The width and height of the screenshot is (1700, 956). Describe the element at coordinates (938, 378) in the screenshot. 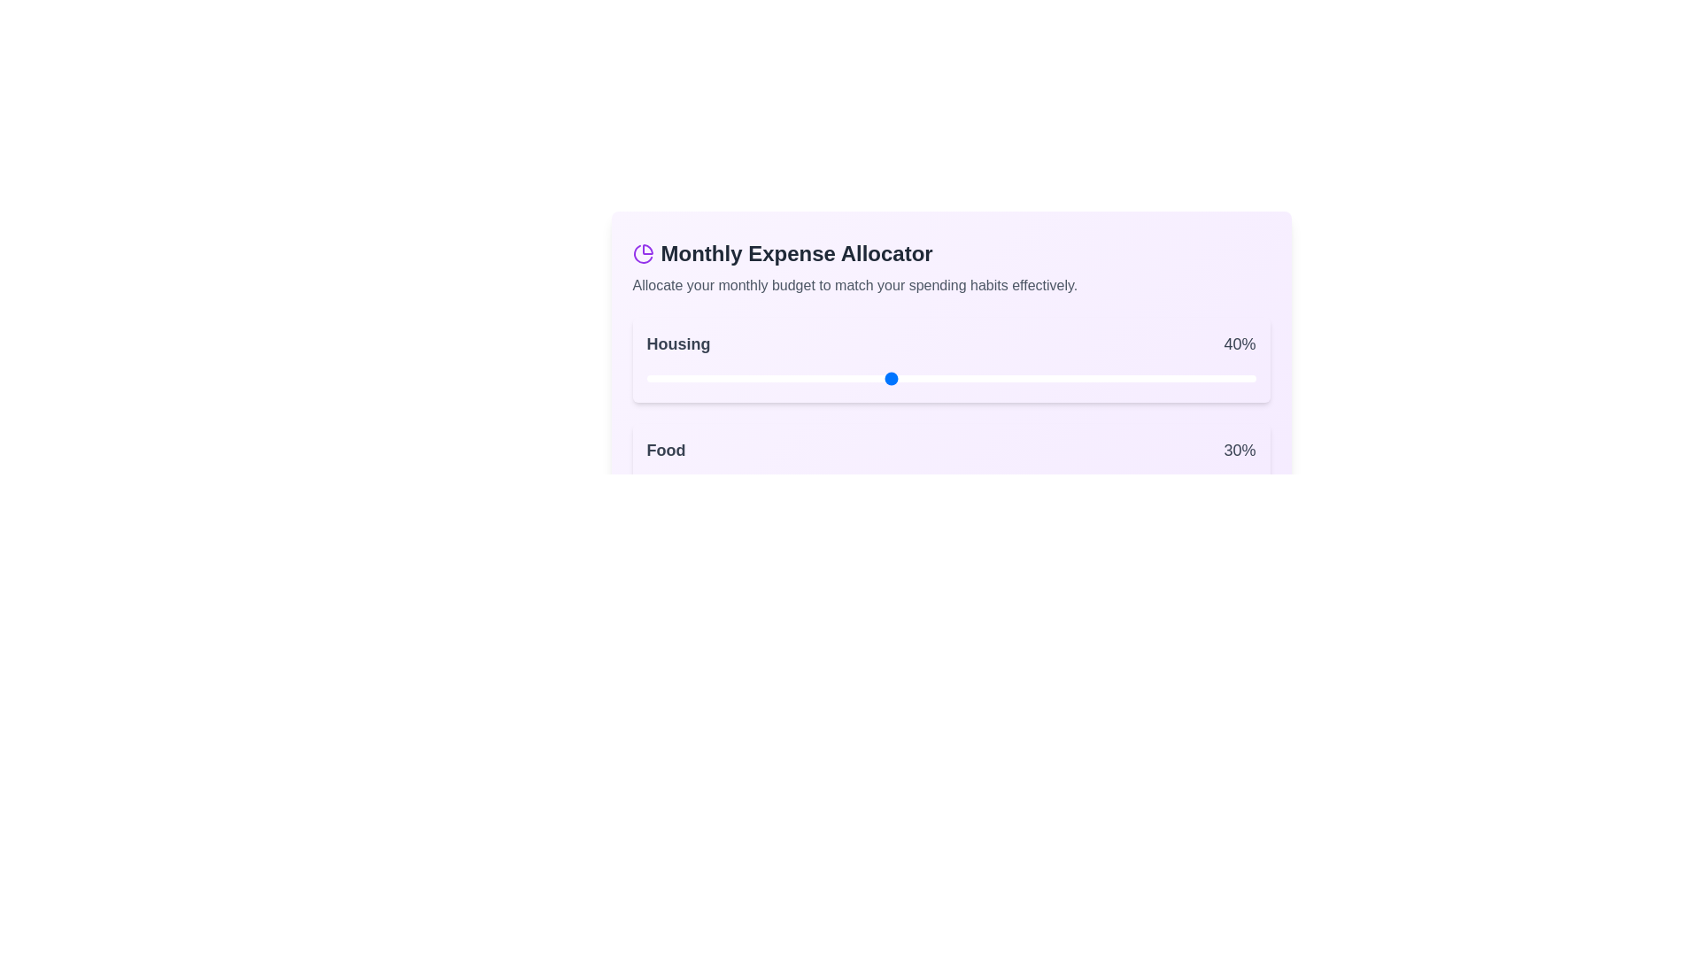

I see `the budget for Housing` at that location.